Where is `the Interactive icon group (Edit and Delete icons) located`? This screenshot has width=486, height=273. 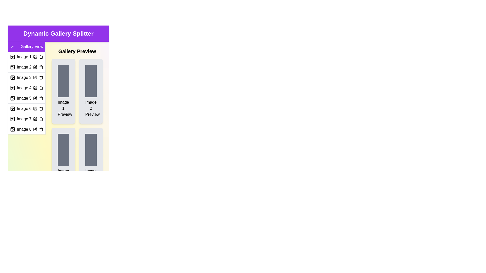
the Interactive icon group (Edit and Delete icons) located is located at coordinates (38, 98).